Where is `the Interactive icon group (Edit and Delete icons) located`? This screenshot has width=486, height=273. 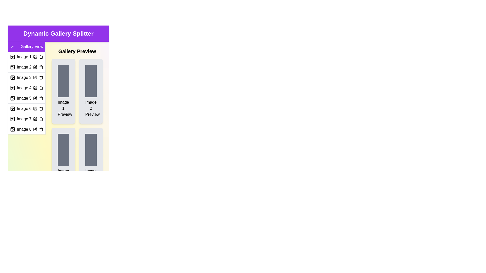
the Interactive icon group (Edit and Delete icons) located is located at coordinates (38, 98).